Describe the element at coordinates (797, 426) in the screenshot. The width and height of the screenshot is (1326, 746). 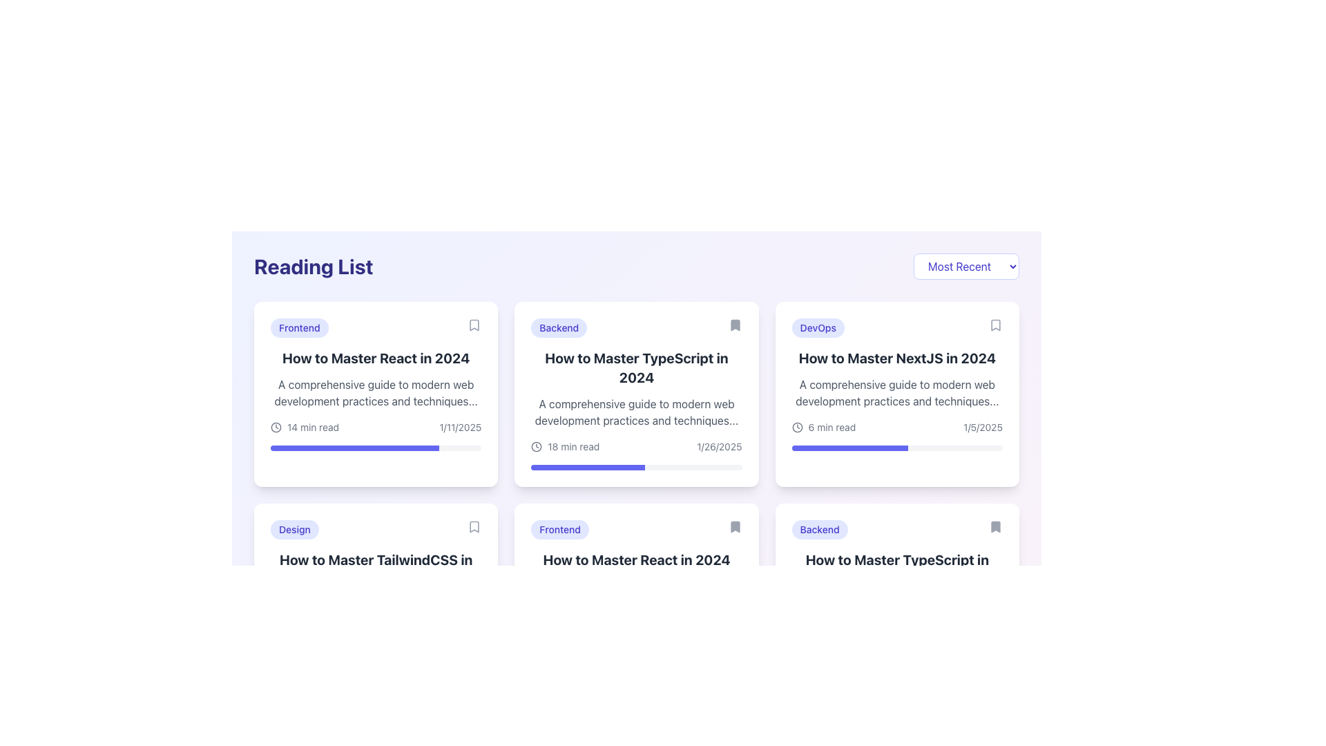
I see `the visual content of the Icon that indicates the estimated reading time, positioned to the left of the '6 min read' text` at that location.